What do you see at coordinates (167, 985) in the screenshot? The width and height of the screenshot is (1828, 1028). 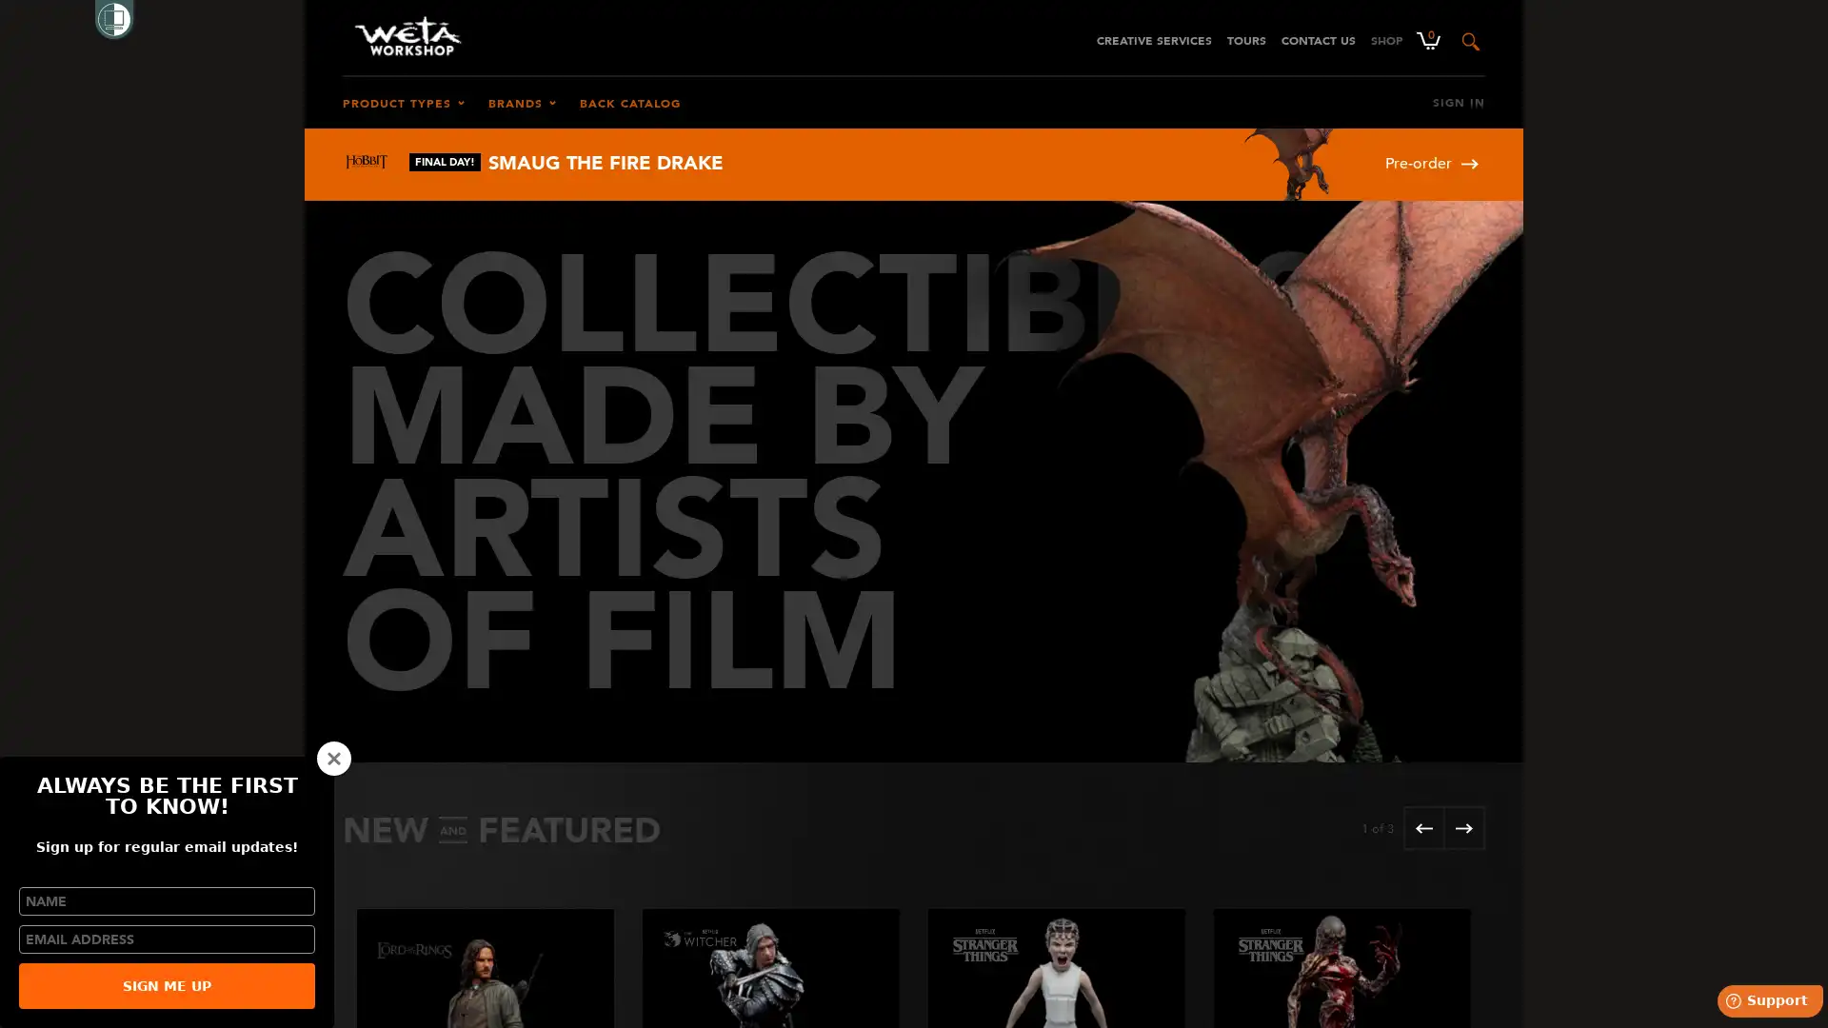 I see `SIGN ME UP` at bounding box center [167, 985].